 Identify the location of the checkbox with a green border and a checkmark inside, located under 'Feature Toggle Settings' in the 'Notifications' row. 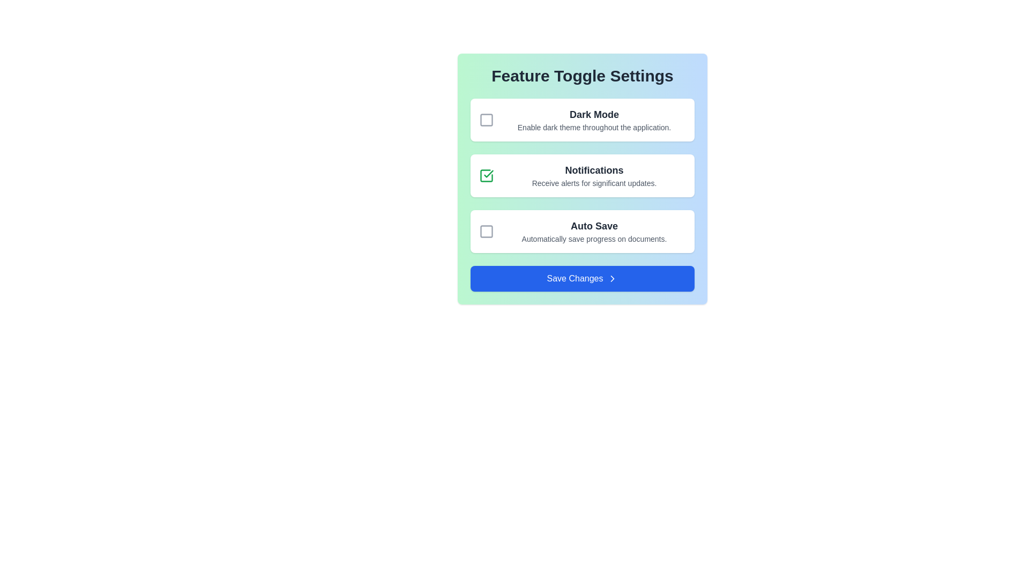
(486, 175).